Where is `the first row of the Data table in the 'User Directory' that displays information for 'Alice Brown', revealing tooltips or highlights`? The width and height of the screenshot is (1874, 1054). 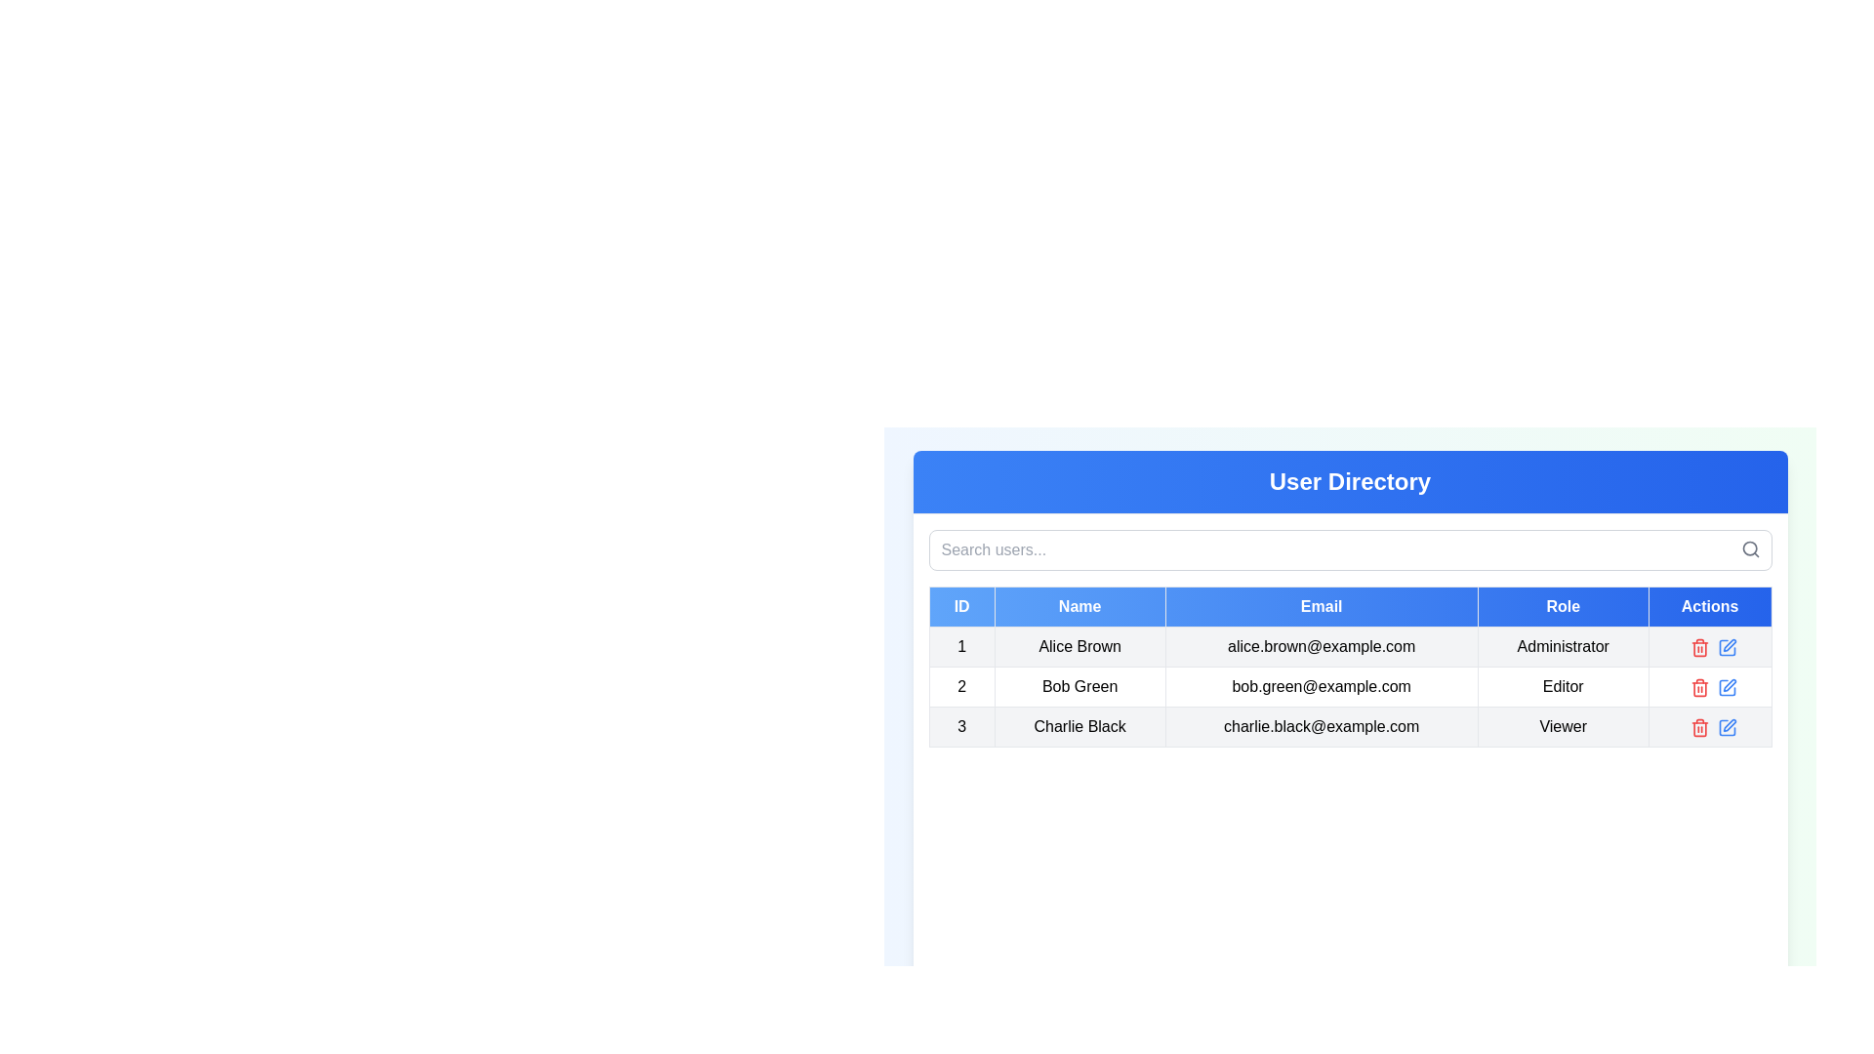 the first row of the Data table in the 'User Directory' that displays information for 'Alice Brown', revealing tooltips or highlights is located at coordinates (1349, 638).